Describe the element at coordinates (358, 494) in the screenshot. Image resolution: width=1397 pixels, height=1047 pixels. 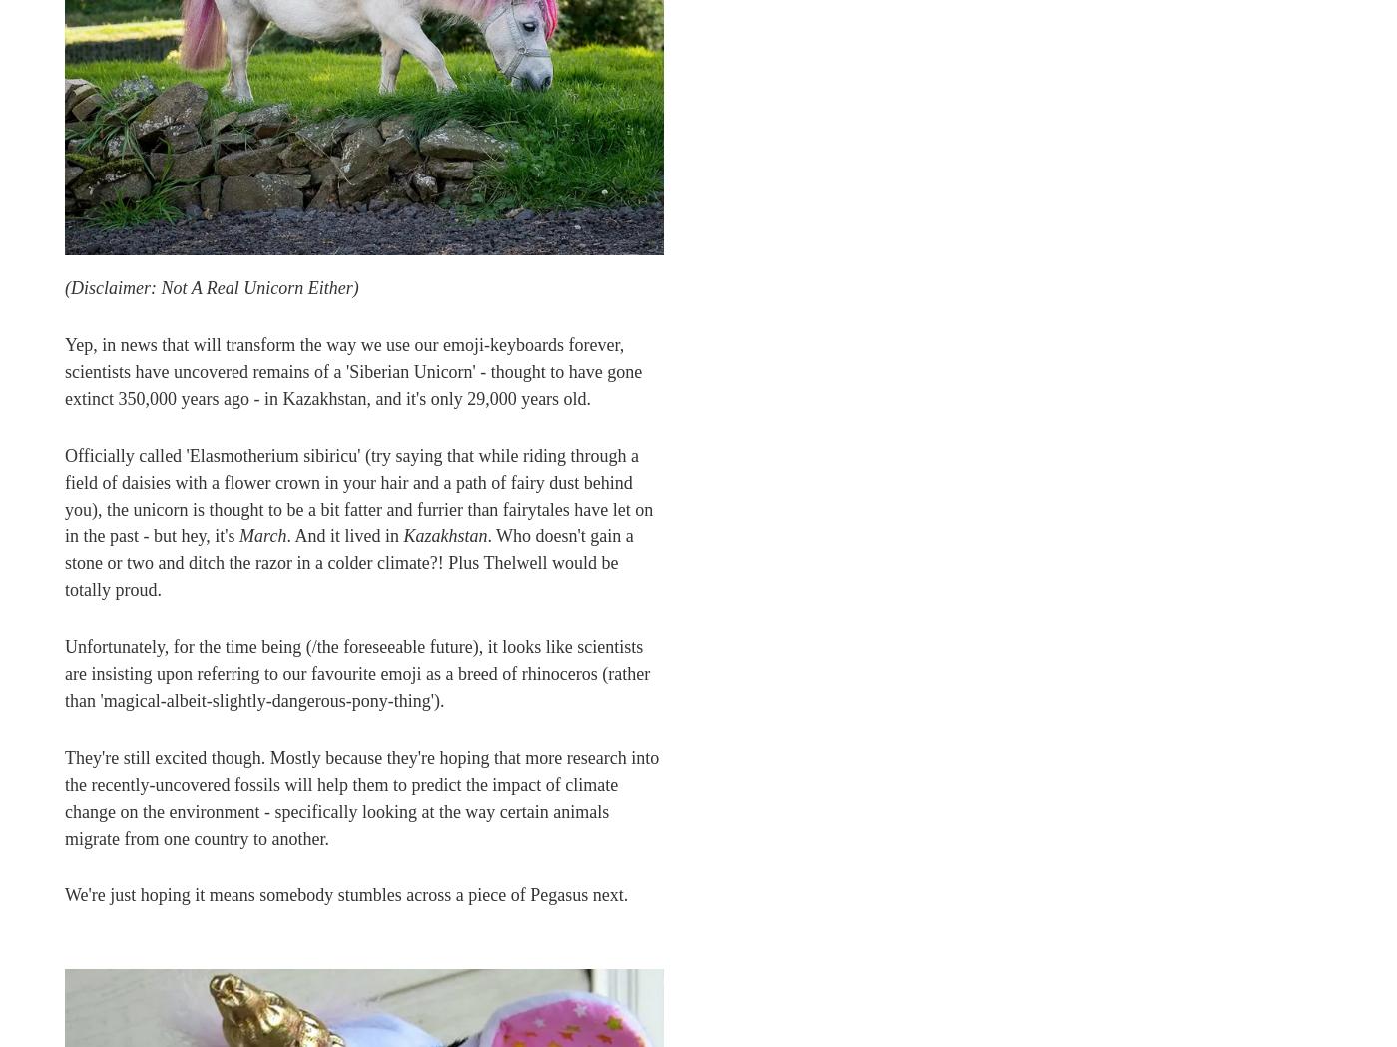
I see `'Officially called 'Elasmotherium sibiricu' (try saying that while riding through a field of daisies with a flower crown in your hair and a path of fairy dust behind you), the unicorn is thought to be a bit fatter and furrier than fairytales have let on in the past - but hey, it's'` at that location.